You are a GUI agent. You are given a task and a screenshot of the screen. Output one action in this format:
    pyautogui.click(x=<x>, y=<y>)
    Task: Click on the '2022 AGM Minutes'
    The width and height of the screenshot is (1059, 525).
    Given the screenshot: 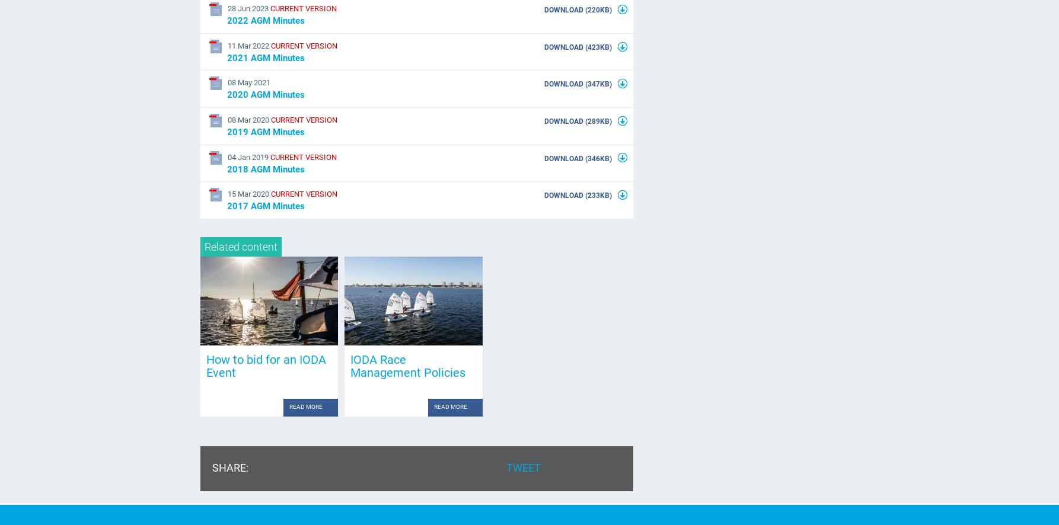 What is the action you would take?
    pyautogui.click(x=227, y=20)
    